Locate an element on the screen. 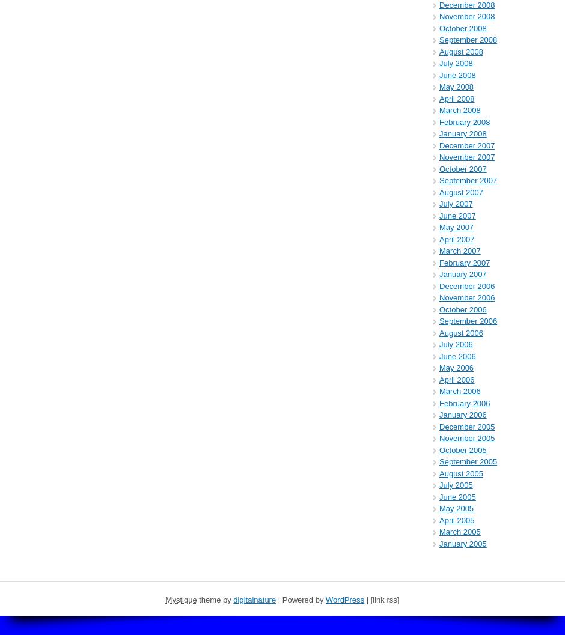 This screenshot has height=635, width=565. 'October 2005' is located at coordinates (462, 449).